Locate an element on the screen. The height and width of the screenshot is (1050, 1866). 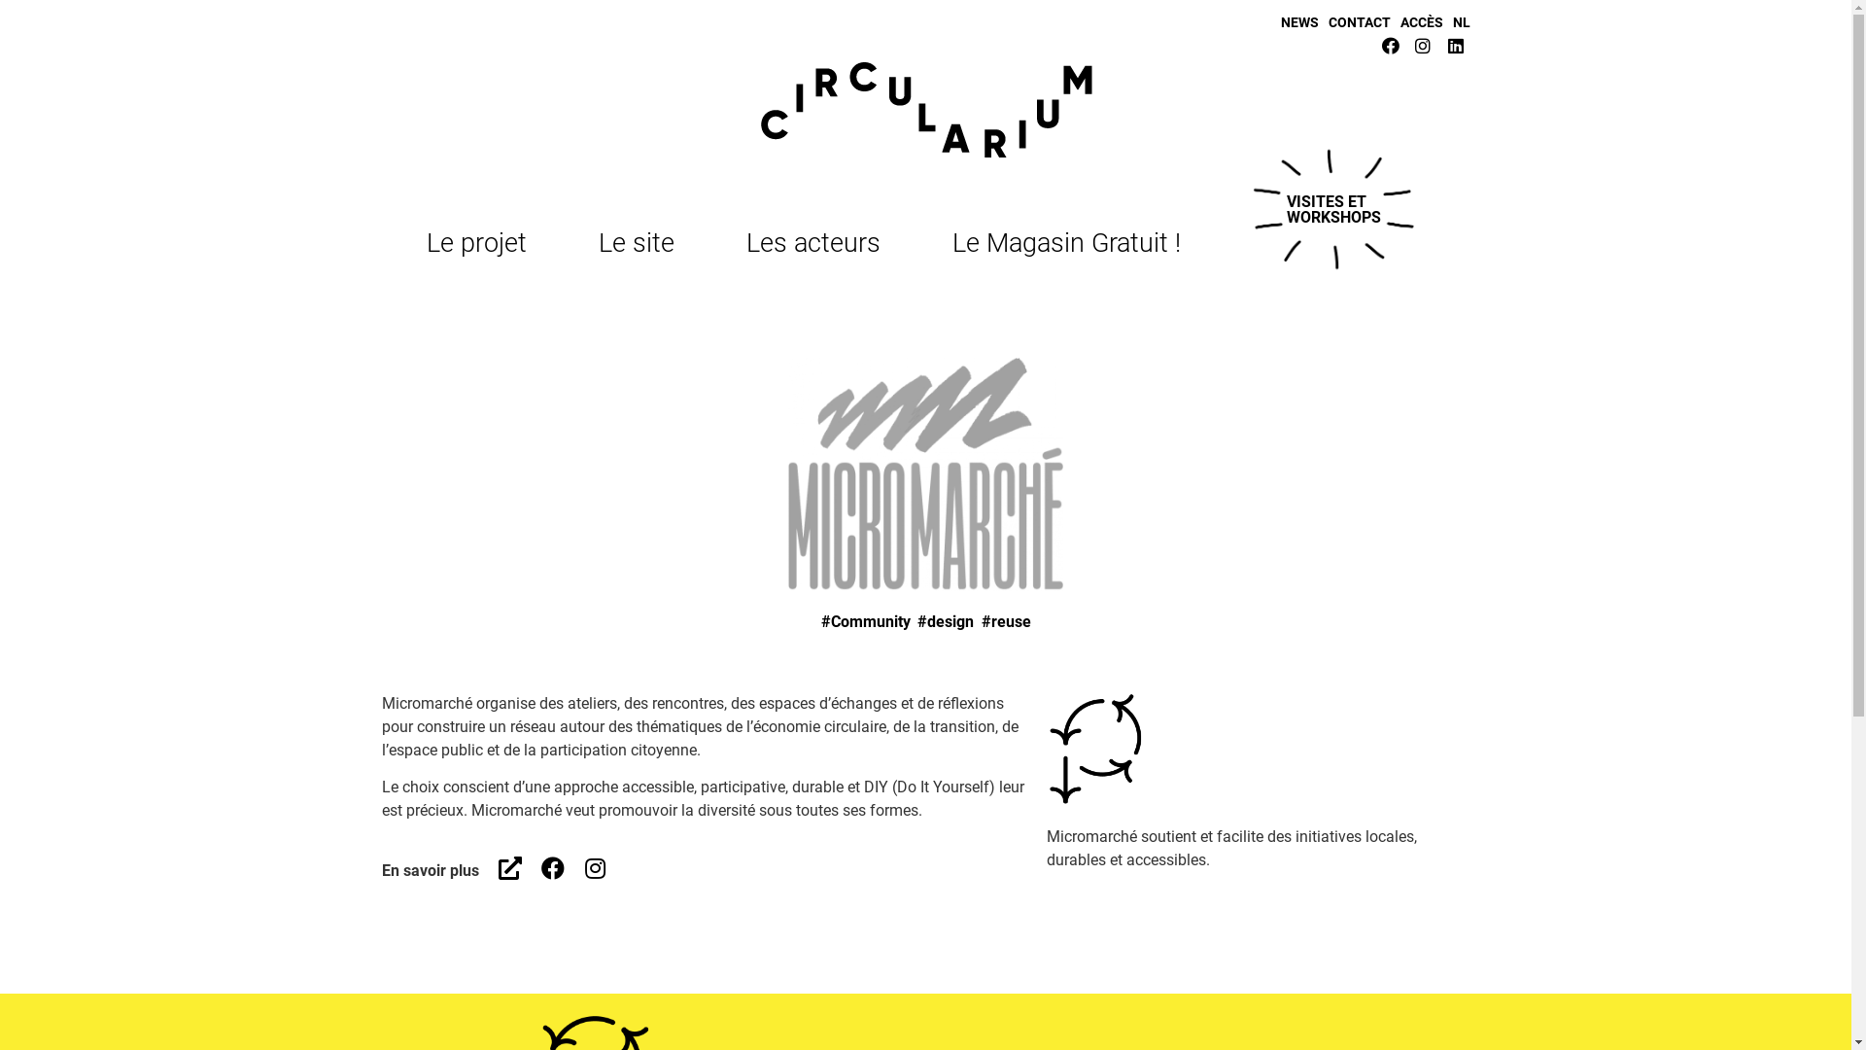
'Le site' is located at coordinates (641, 242).